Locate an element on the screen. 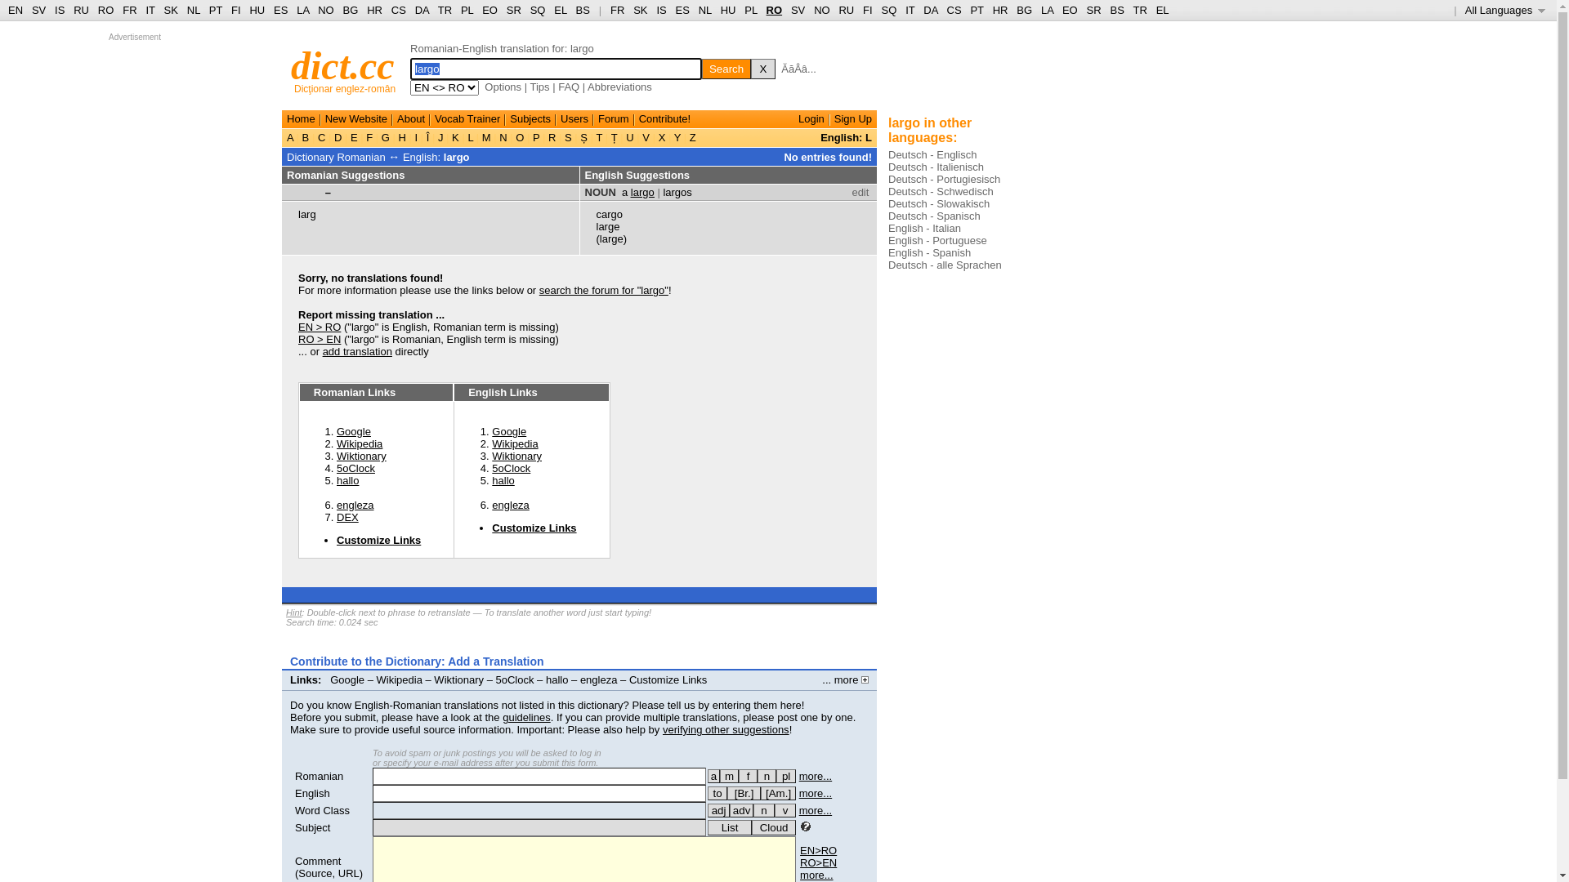 The image size is (1569, 882). 'more...' is located at coordinates (816, 775).